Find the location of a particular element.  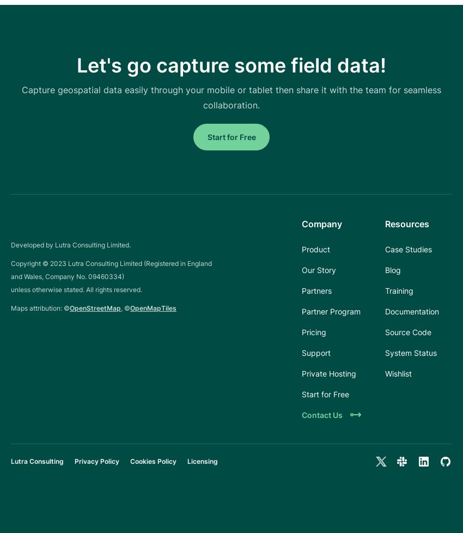

'unless otherwise stated. All rights reserved.' is located at coordinates (76, 289).